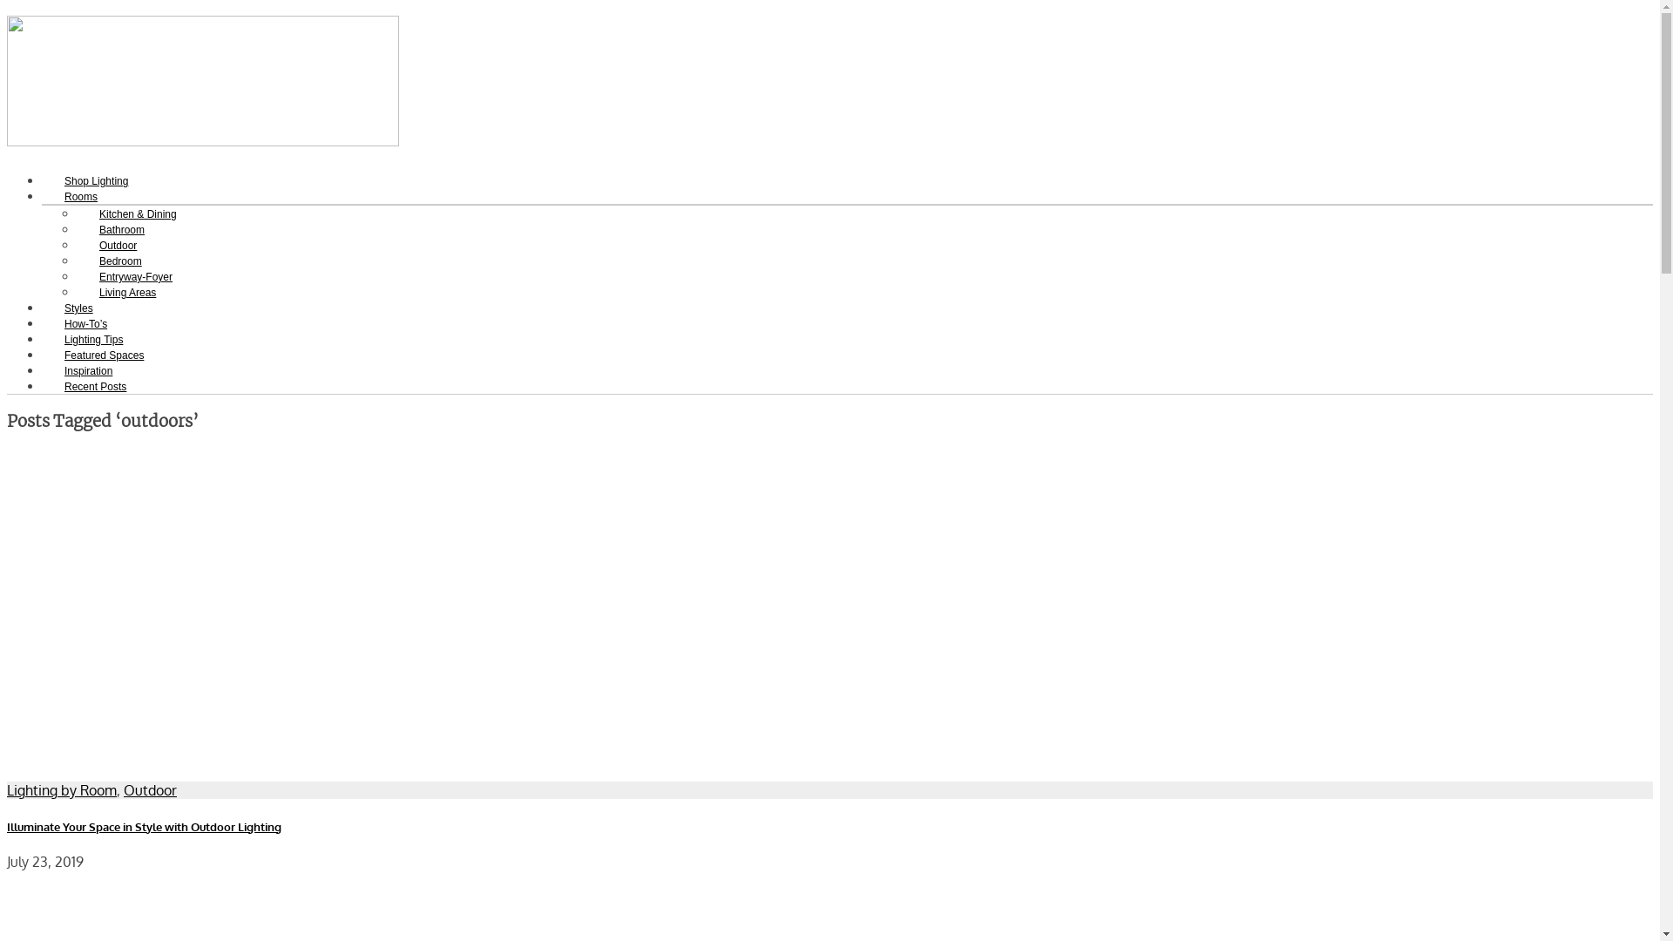  Describe the element at coordinates (92, 339) in the screenshot. I see `'Lighting Tips'` at that location.